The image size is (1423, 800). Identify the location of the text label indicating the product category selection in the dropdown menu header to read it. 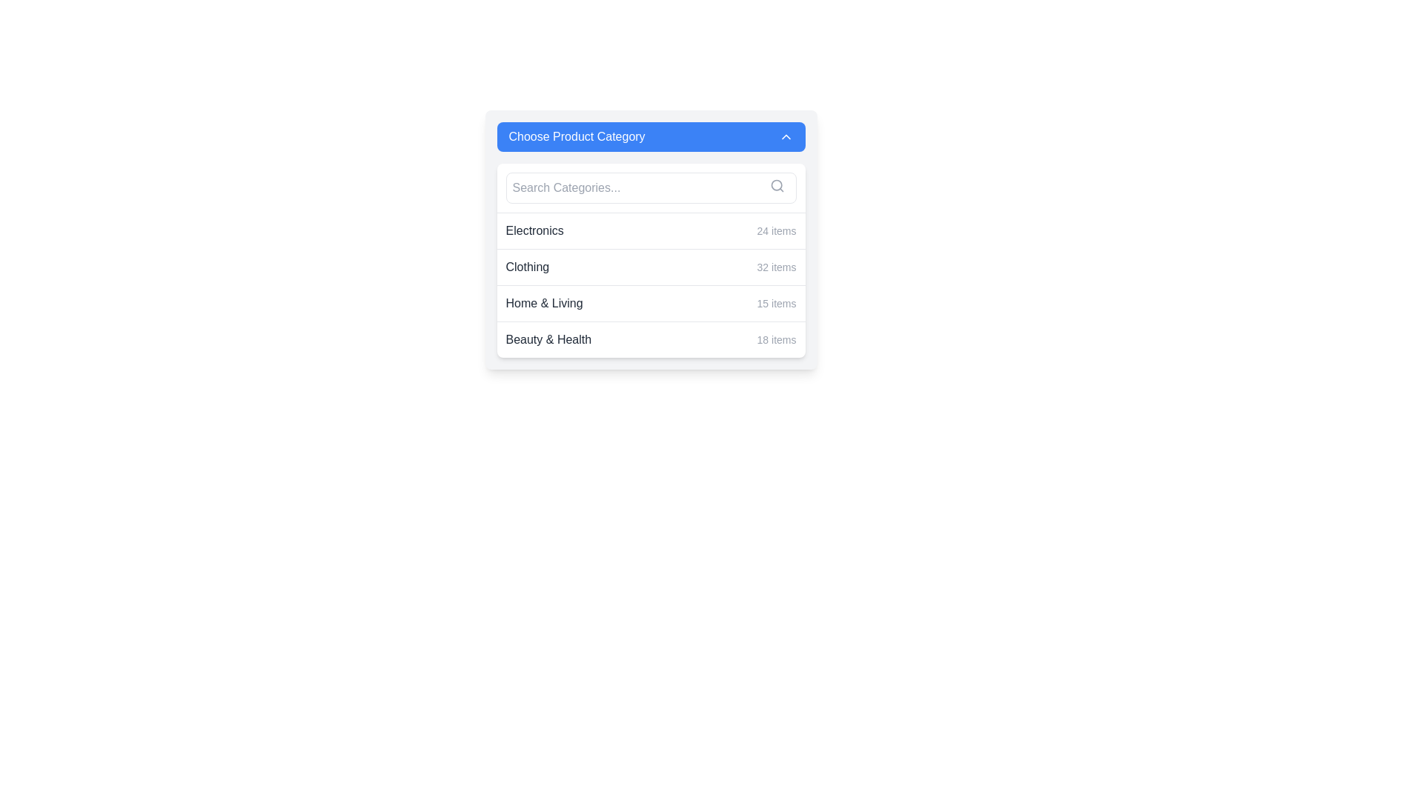
(576, 137).